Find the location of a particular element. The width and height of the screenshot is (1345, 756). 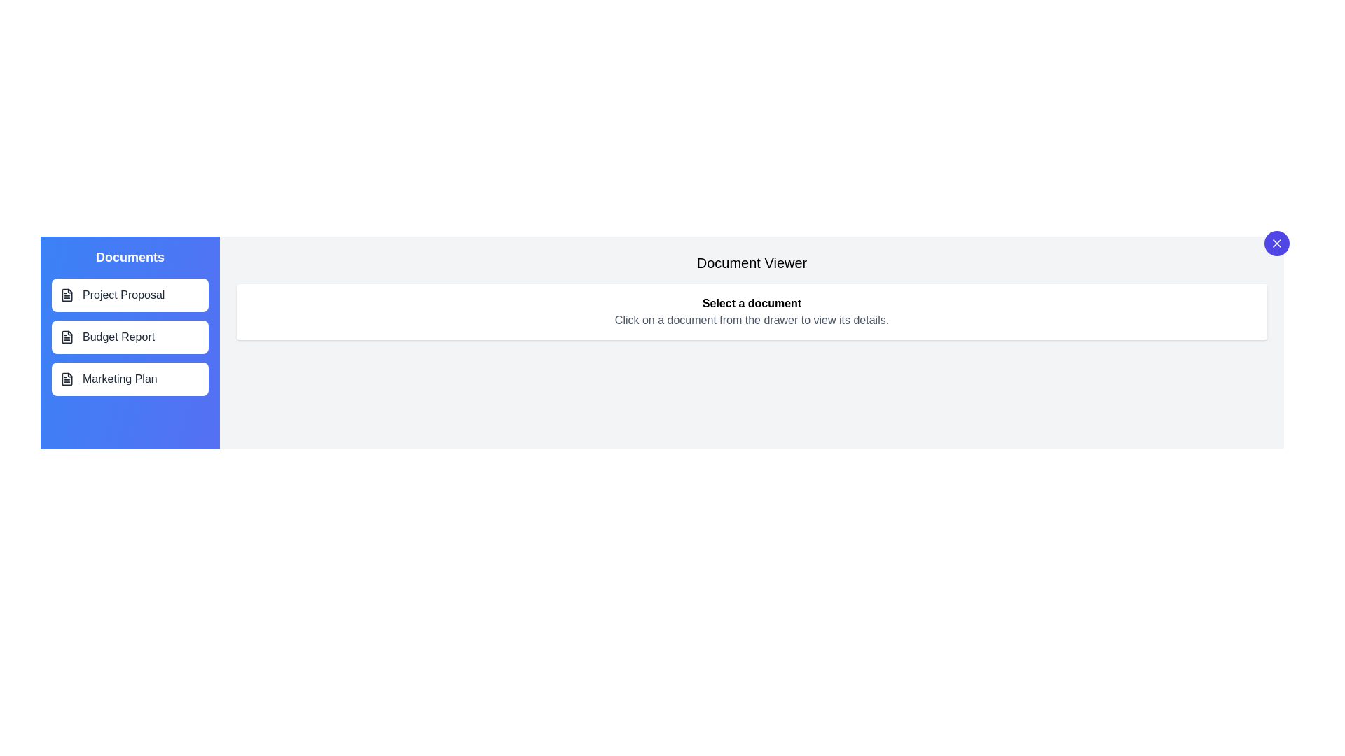

the document titled Marketing Plan in the drawer is located at coordinates (130, 379).